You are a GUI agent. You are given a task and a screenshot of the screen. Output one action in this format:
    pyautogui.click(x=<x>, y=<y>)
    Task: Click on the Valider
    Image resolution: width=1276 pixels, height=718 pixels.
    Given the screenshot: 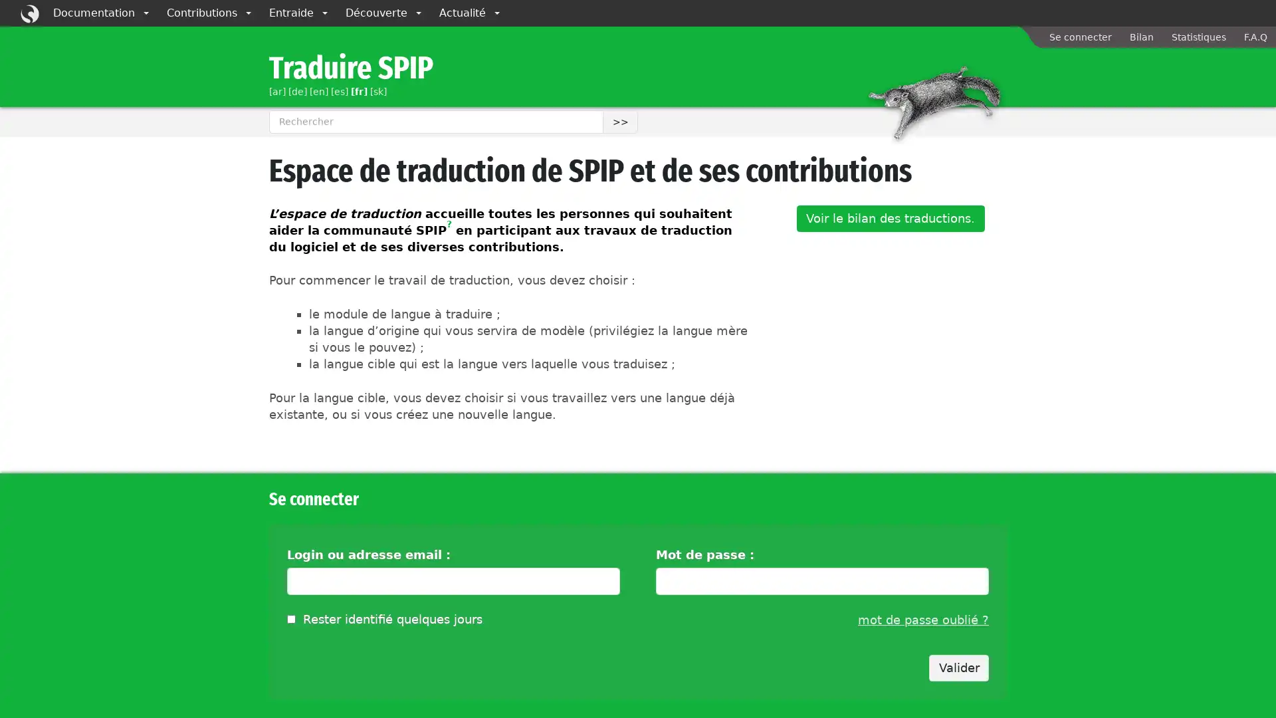 What is the action you would take?
    pyautogui.click(x=959, y=667)
    